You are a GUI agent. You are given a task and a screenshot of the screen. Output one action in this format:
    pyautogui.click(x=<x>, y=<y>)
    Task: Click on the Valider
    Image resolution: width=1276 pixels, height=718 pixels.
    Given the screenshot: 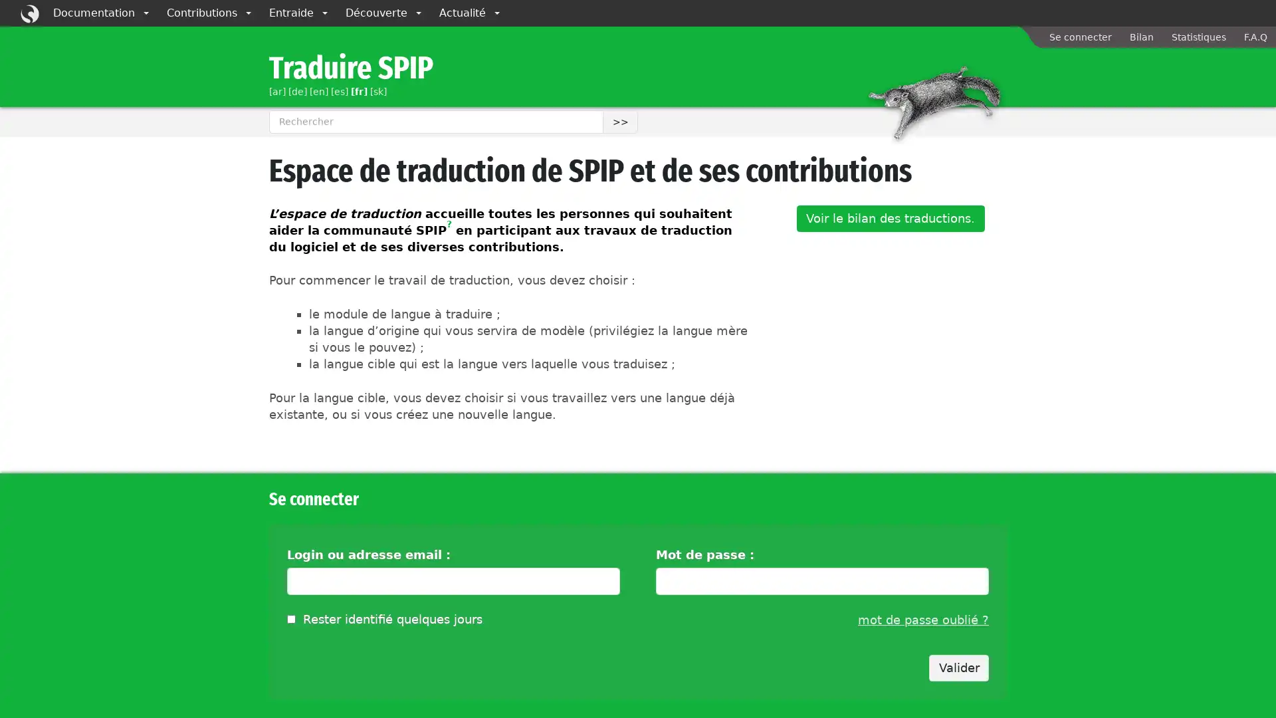 What is the action you would take?
    pyautogui.click(x=959, y=667)
    